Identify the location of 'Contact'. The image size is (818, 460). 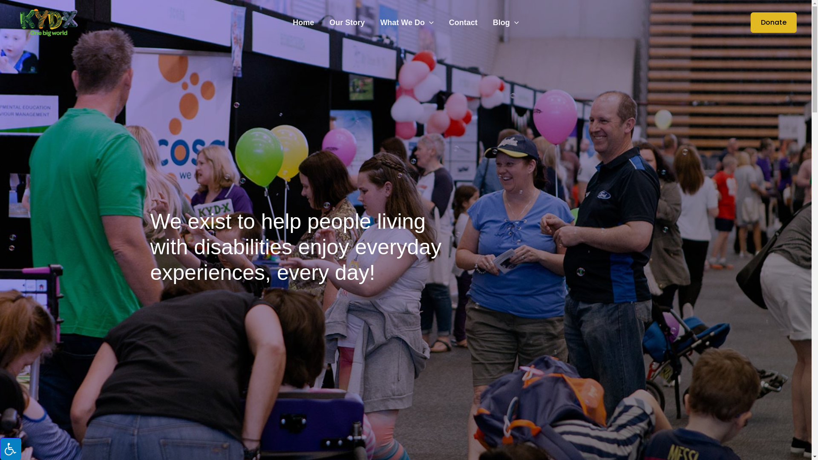
(463, 22).